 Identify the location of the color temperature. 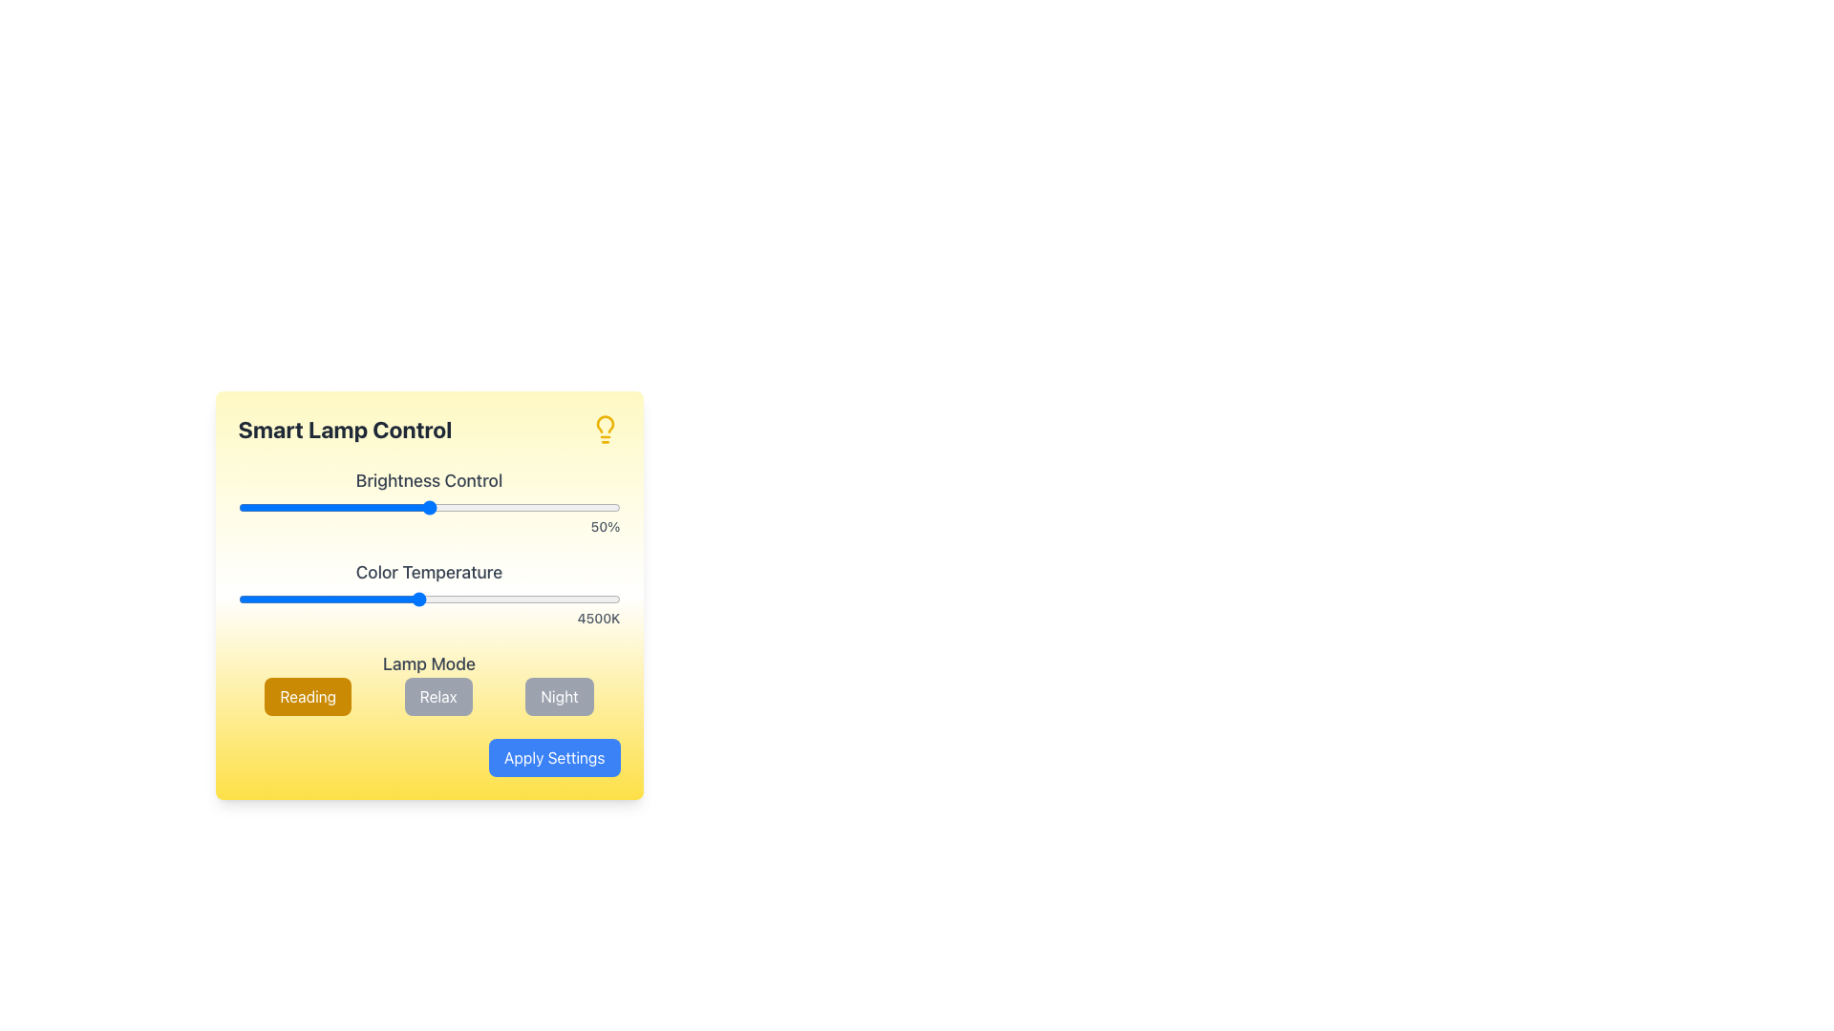
(475, 599).